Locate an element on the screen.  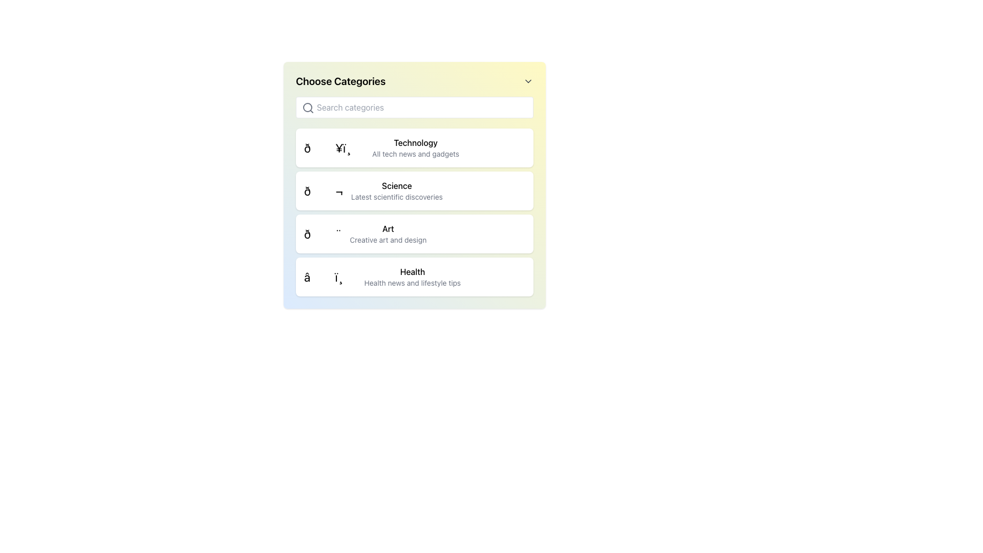
the icon resembling a wrench or gear located to the left of the 'Health' label in the category list is located at coordinates (330, 276).